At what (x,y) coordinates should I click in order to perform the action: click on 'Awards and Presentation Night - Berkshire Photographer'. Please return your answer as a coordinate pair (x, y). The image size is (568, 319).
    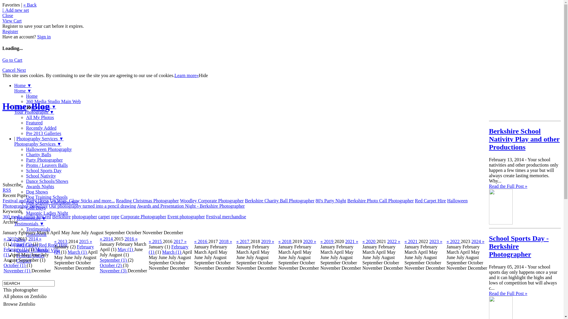
    Looking at the image, I should click on (191, 206).